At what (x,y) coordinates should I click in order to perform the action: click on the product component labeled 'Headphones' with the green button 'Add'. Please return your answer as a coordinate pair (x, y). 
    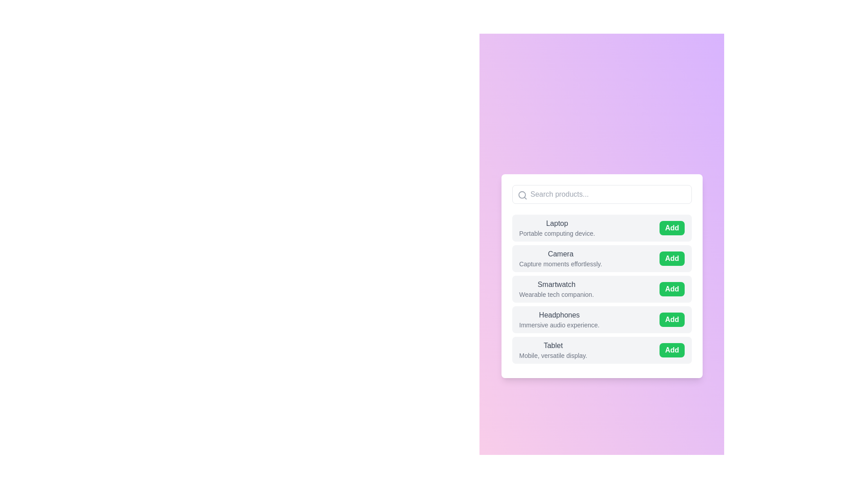
    Looking at the image, I should click on (602, 319).